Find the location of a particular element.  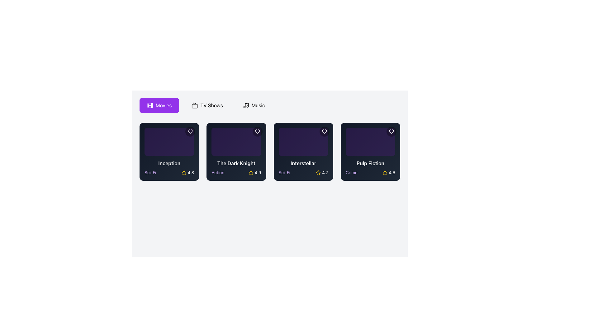

the central background layer element of the SVG graphic, which is a rectangular shape with rounded corners, serving as the base for other components is located at coordinates (150, 105).